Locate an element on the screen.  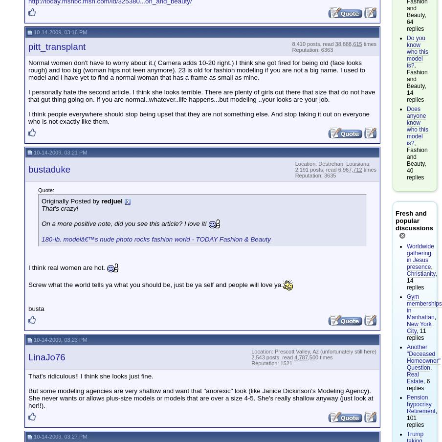
'180-lb. modelâ€™s nude photo rocks fashion world - TODAY Fashion & Beauty' is located at coordinates (41, 239).